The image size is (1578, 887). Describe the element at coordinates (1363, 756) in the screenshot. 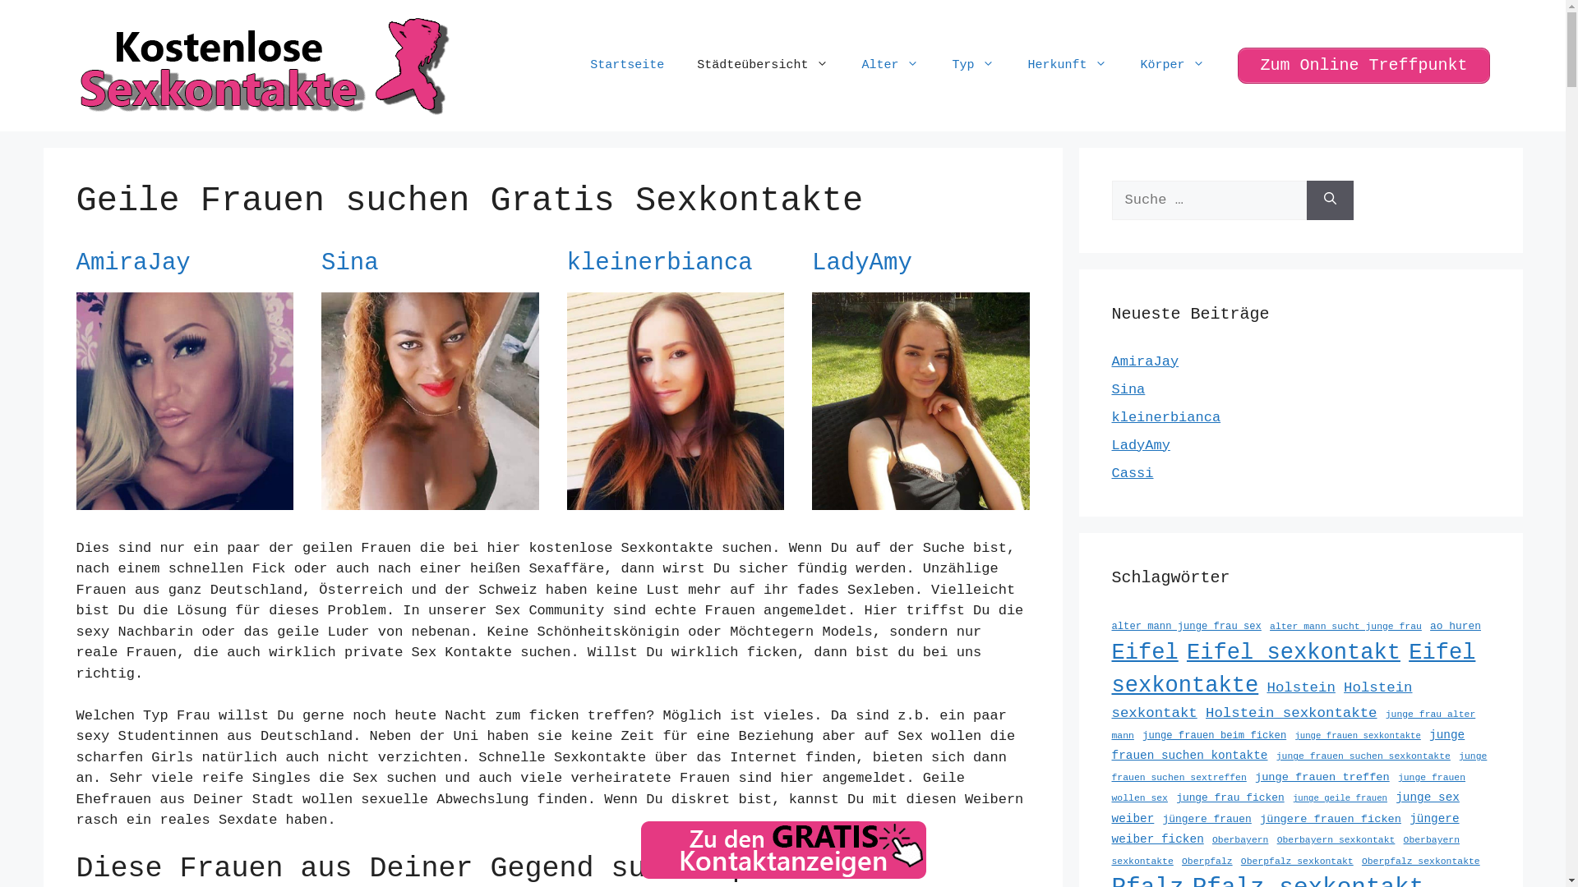

I see `'junge frauen suchen sexkontakte'` at that location.